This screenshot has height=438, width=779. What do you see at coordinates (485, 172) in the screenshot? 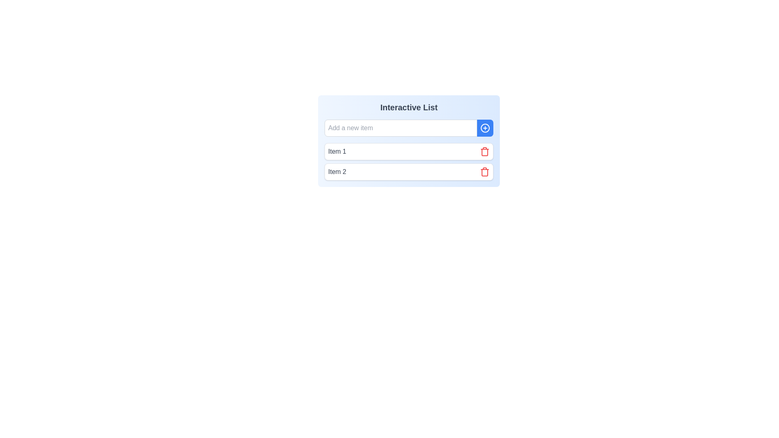
I see `delete button for the item labeled 'Item 2'` at bounding box center [485, 172].